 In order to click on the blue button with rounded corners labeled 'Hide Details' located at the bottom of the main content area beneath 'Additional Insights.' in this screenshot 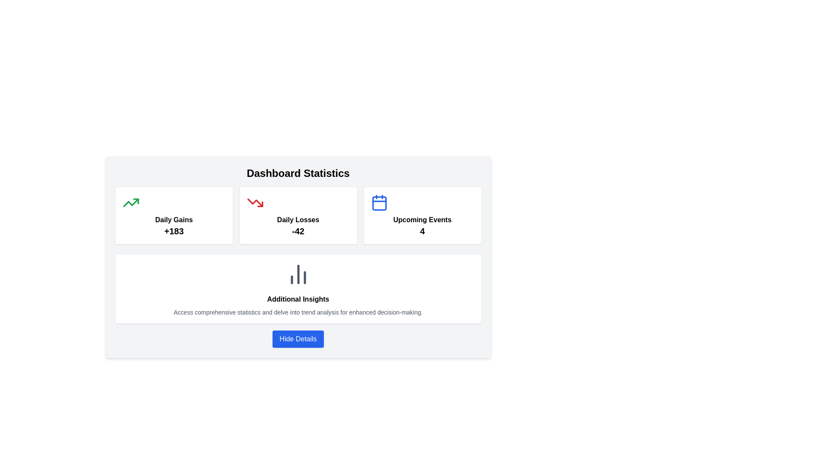, I will do `click(298, 339)`.